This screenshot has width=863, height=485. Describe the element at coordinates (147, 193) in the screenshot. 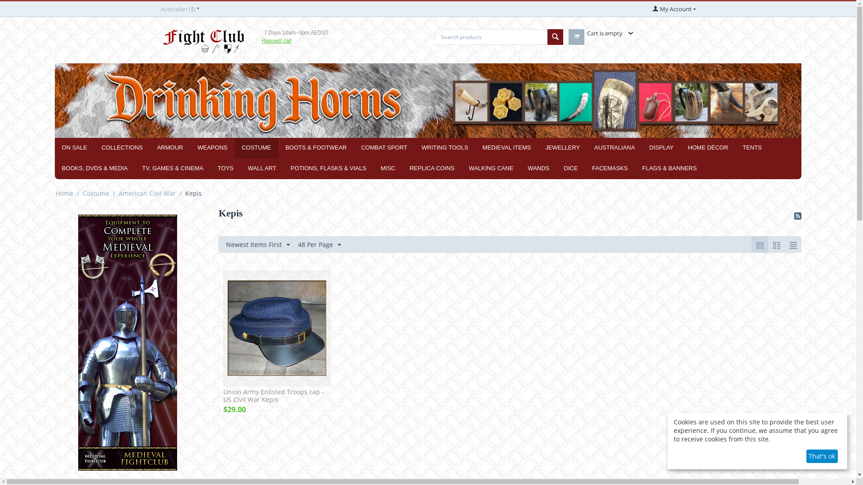

I see `'American Civil War'` at that location.